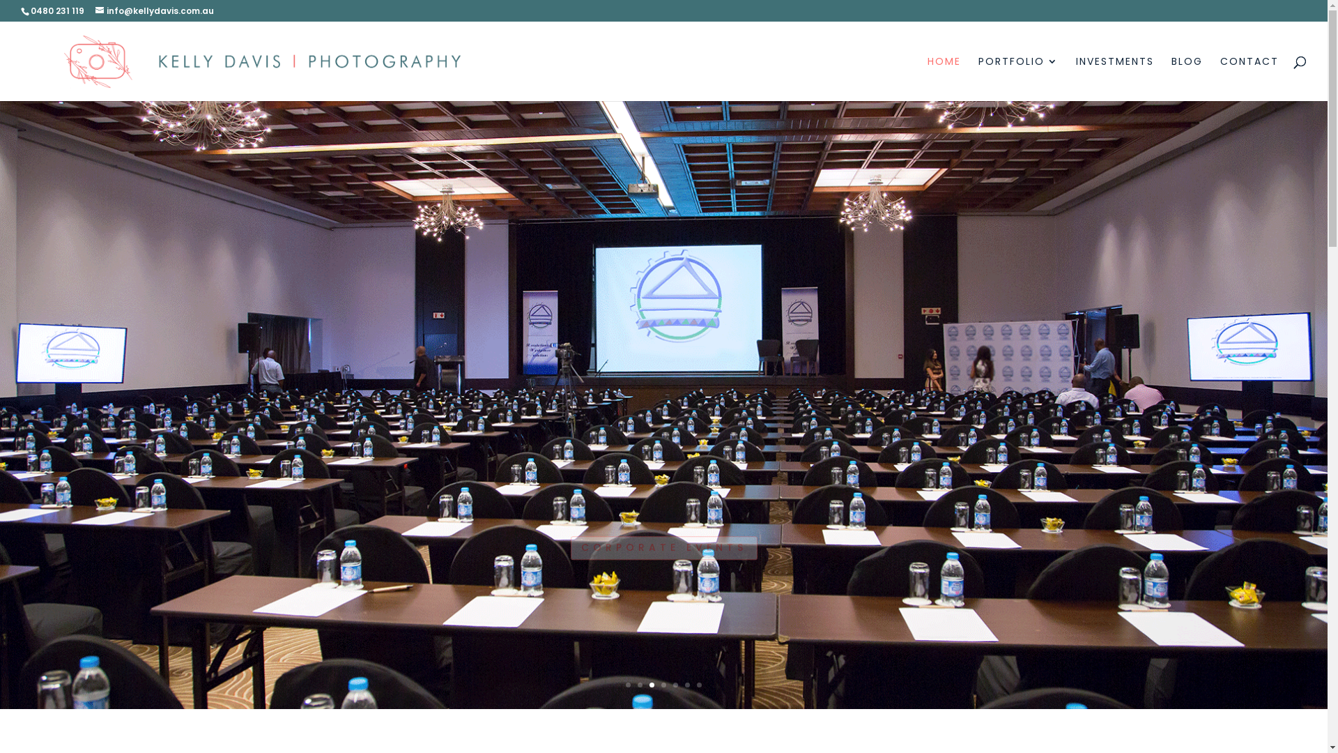  Describe the element at coordinates (1114, 78) in the screenshot. I see `'INVESTMENTS'` at that location.